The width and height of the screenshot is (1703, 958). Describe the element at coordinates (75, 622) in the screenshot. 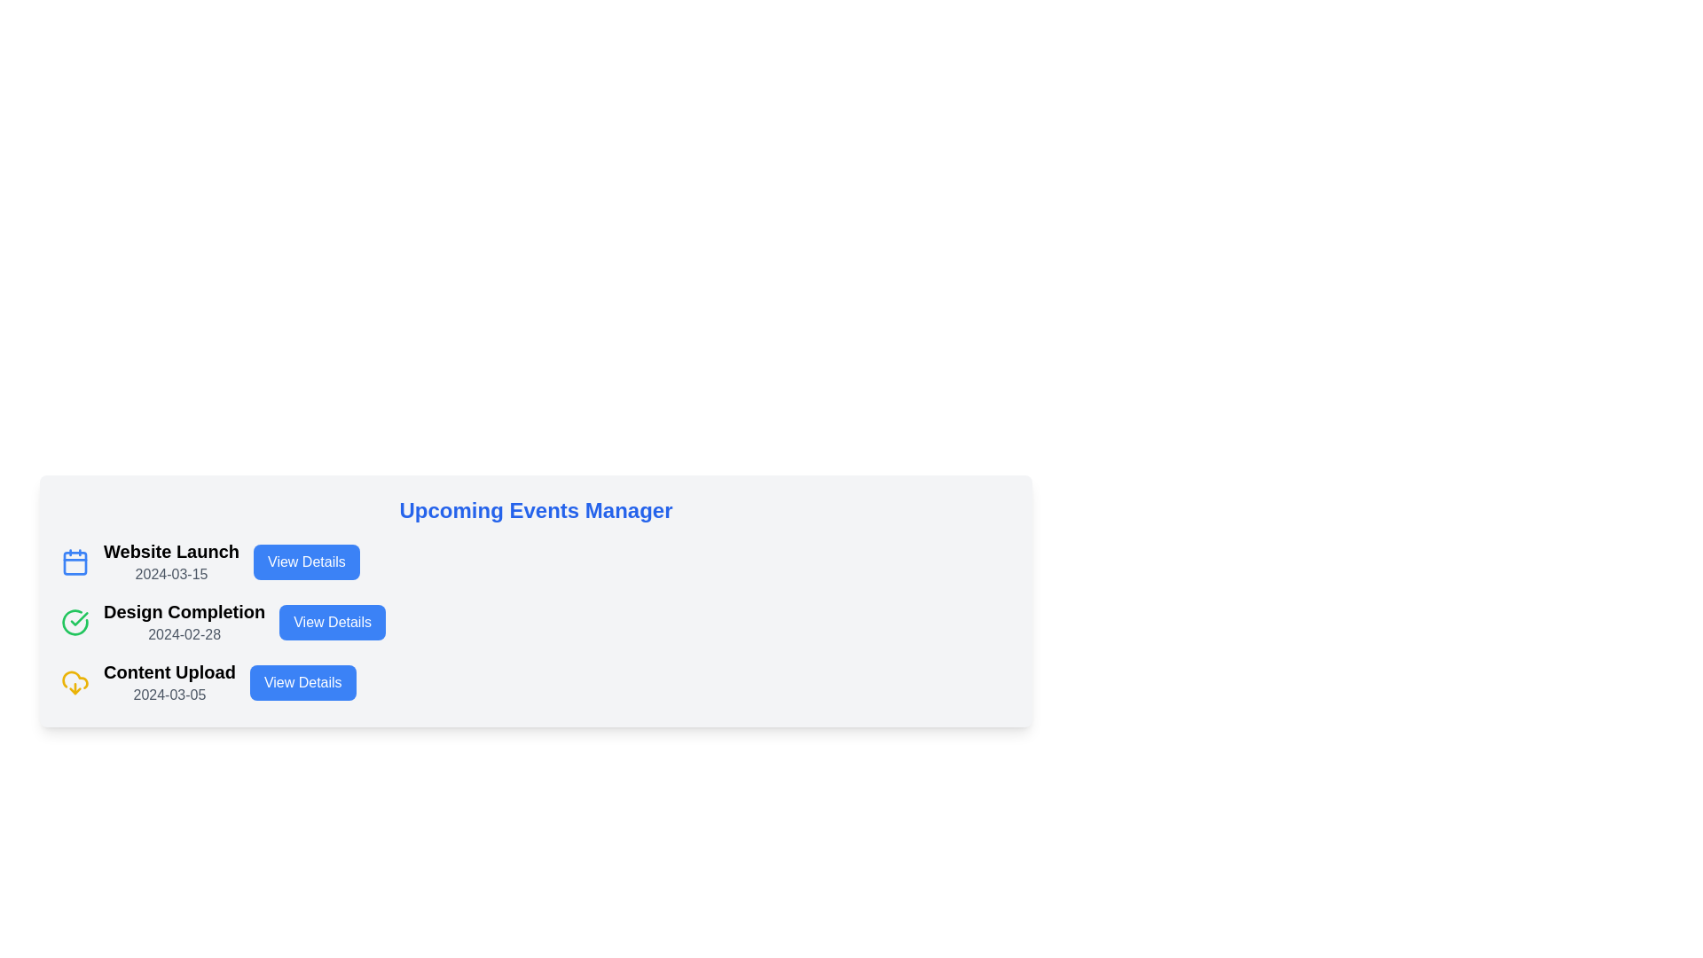

I see `the status icon indicating task completion for 'Design Completion' under 'Upcoming Events Manager'` at that location.